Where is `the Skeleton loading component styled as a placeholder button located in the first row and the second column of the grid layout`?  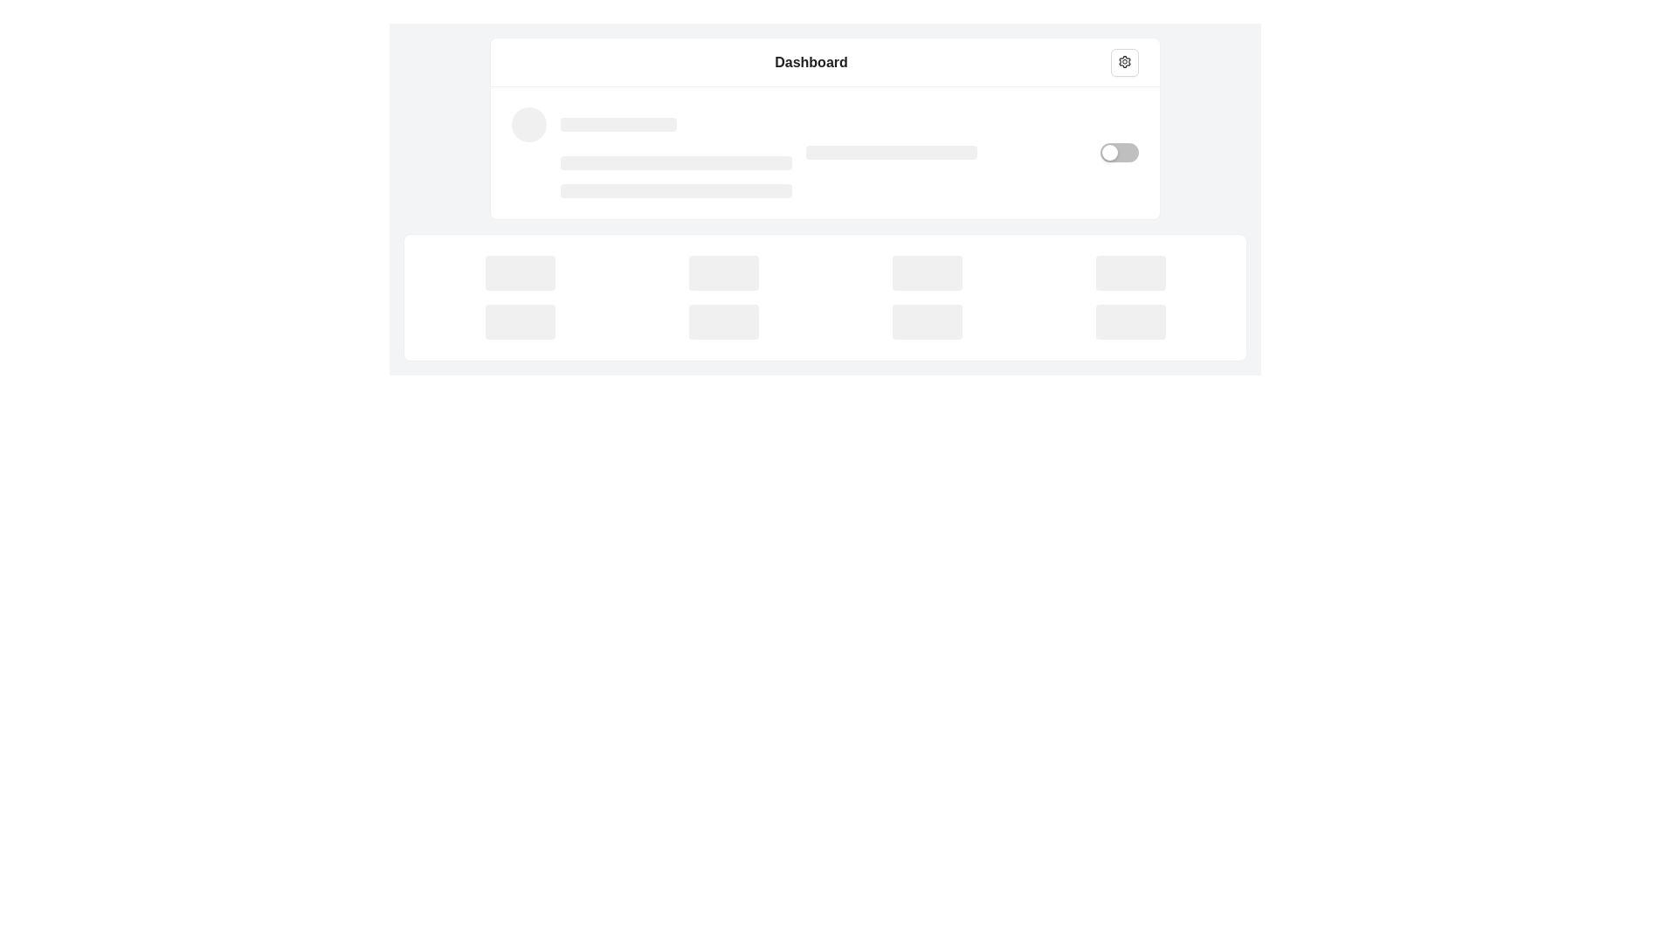 the Skeleton loading component styled as a placeholder button located in the first row and the second column of the grid layout is located at coordinates (723, 272).